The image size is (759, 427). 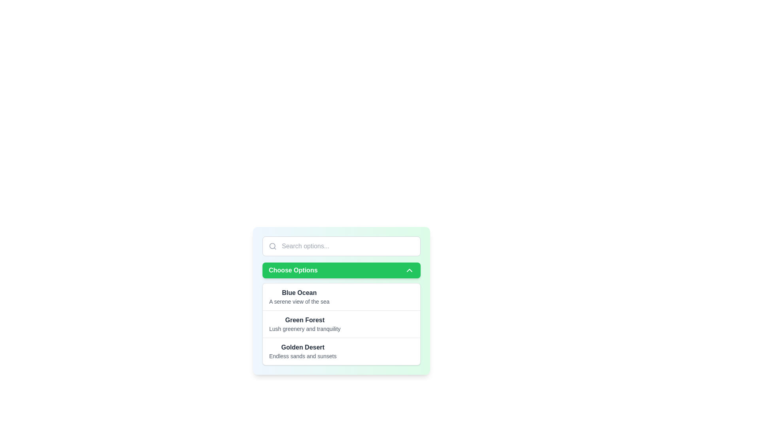 I want to click on the first item in the dropdown menu labeled 'Blue Ocean', so click(x=342, y=300).